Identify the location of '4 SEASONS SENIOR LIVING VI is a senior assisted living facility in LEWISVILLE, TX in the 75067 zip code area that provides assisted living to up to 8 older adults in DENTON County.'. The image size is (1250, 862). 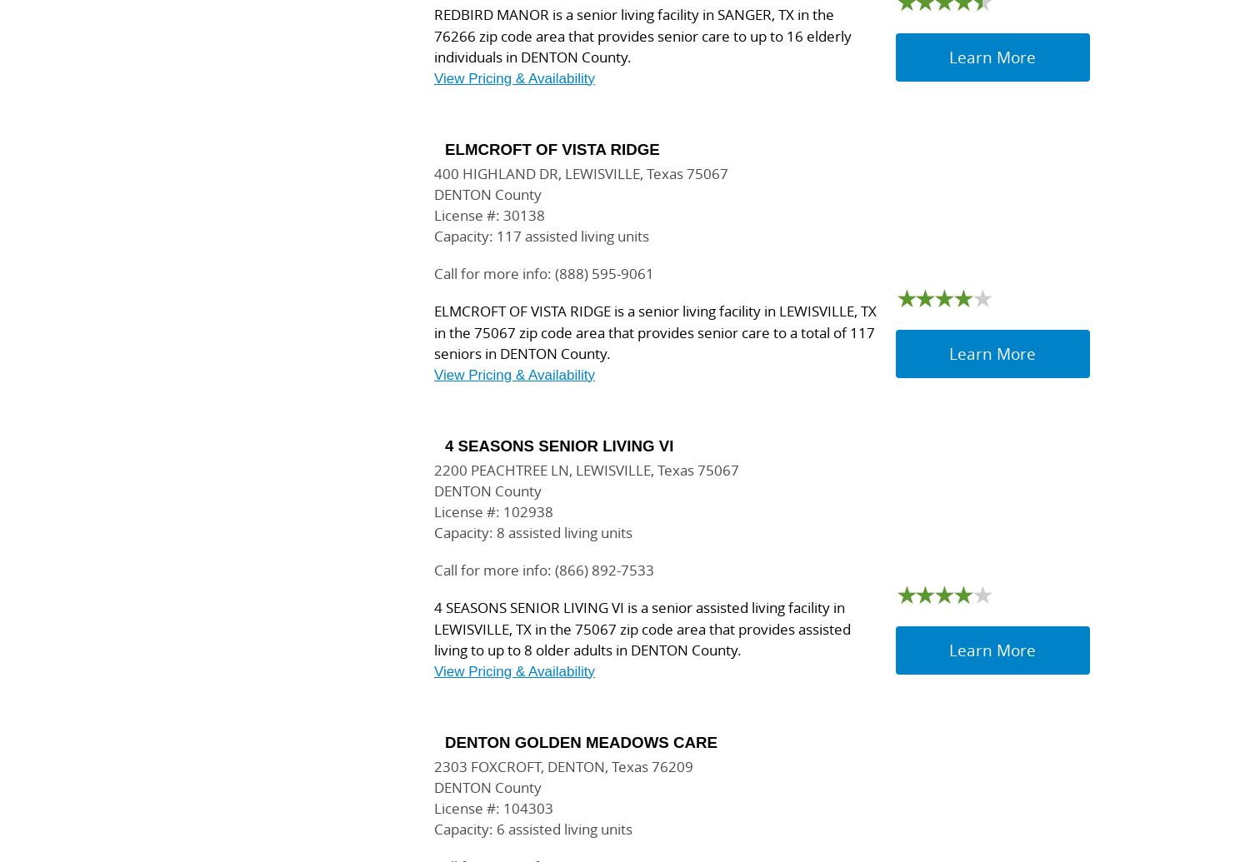
(642, 628).